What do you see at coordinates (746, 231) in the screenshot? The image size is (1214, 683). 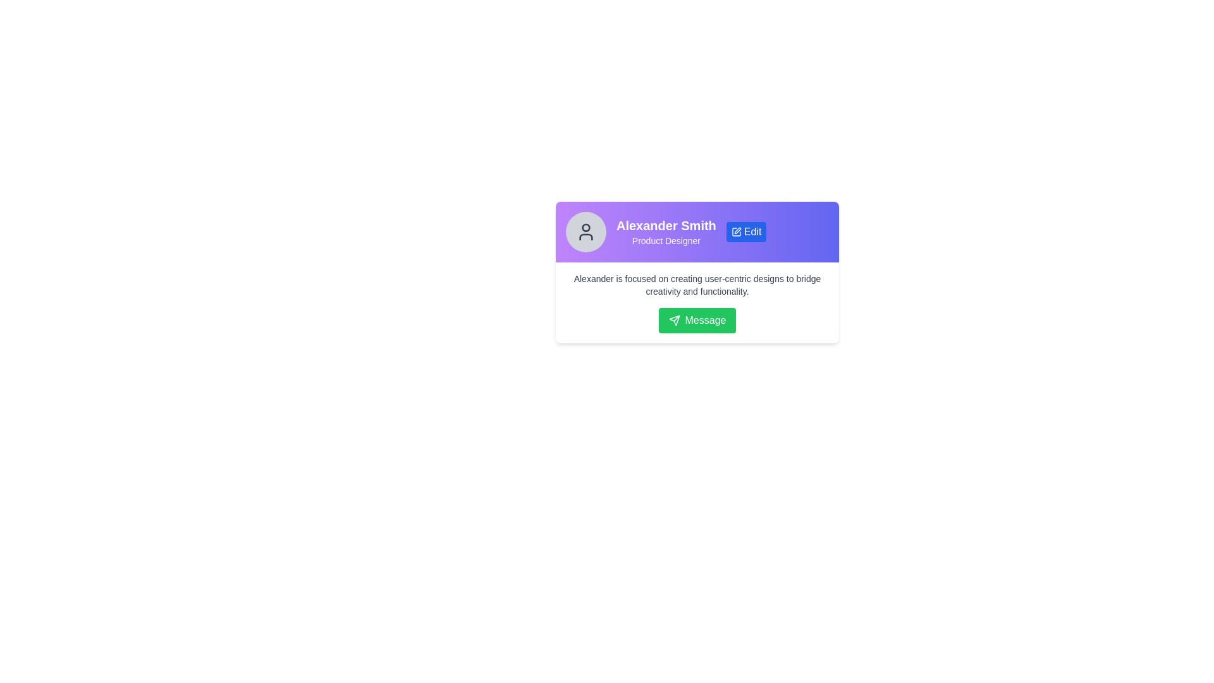 I see `the 'Edit' button located to the right of 'Alexander Smith' in the card layout for keyboard navigation` at bounding box center [746, 231].